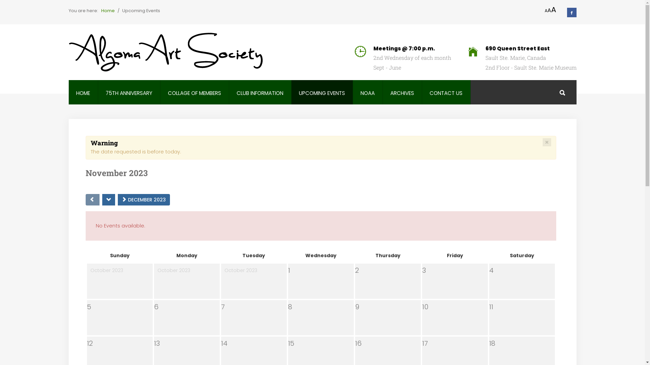  I want to click on '75TH ANNIVERSARY', so click(105, 93).